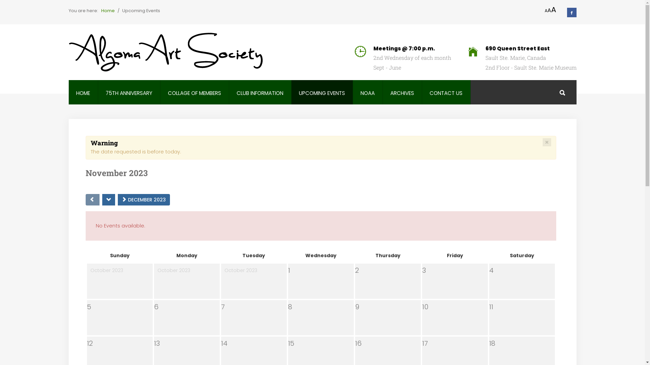  I want to click on '75TH ANNIVERSARY', so click(105, 93).